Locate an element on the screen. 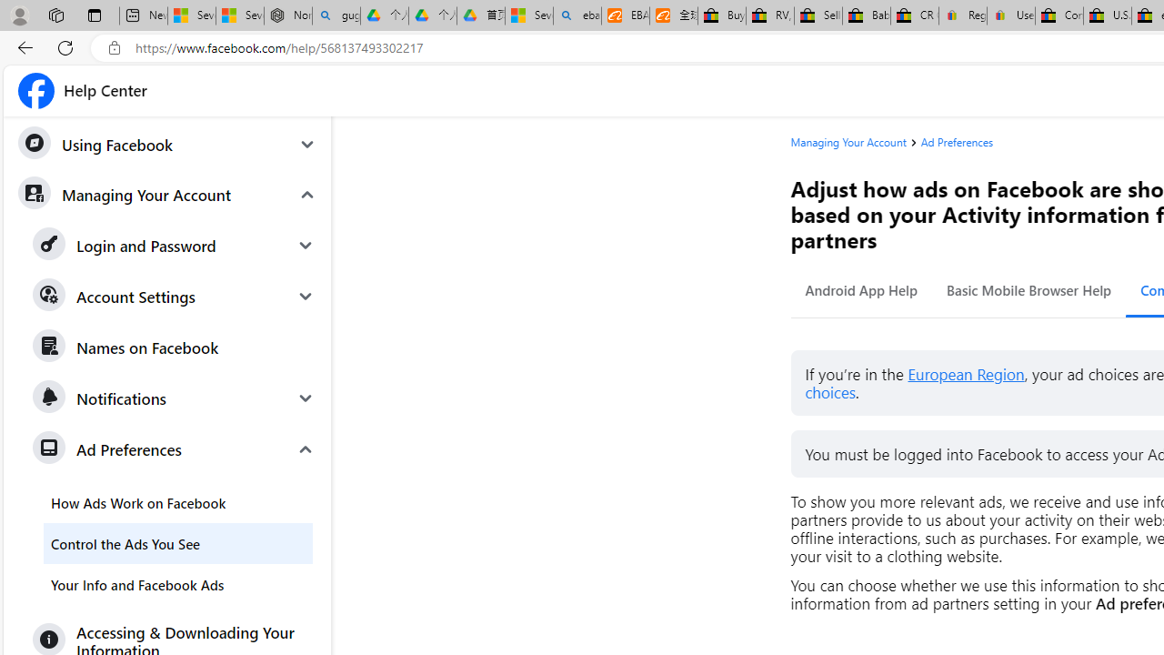 This screenshot has height=655, width=1164. 'European Region' is located at coordinates (965, 373).